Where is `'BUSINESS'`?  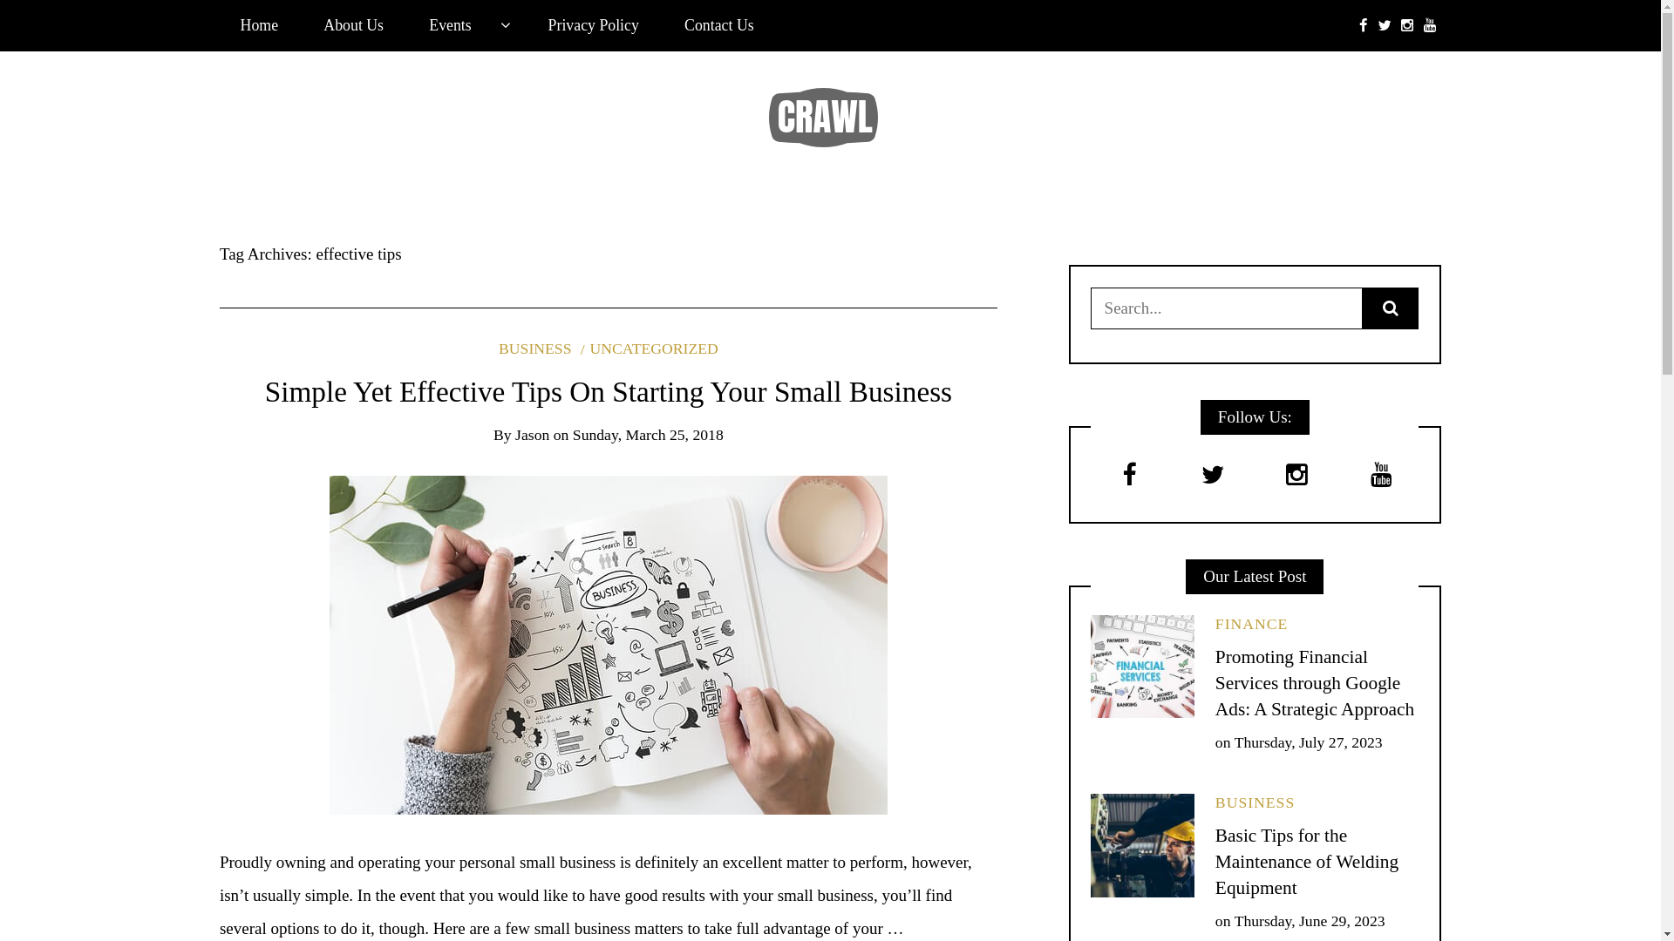
'BUSINESS' is located at coordinates (534, 349).